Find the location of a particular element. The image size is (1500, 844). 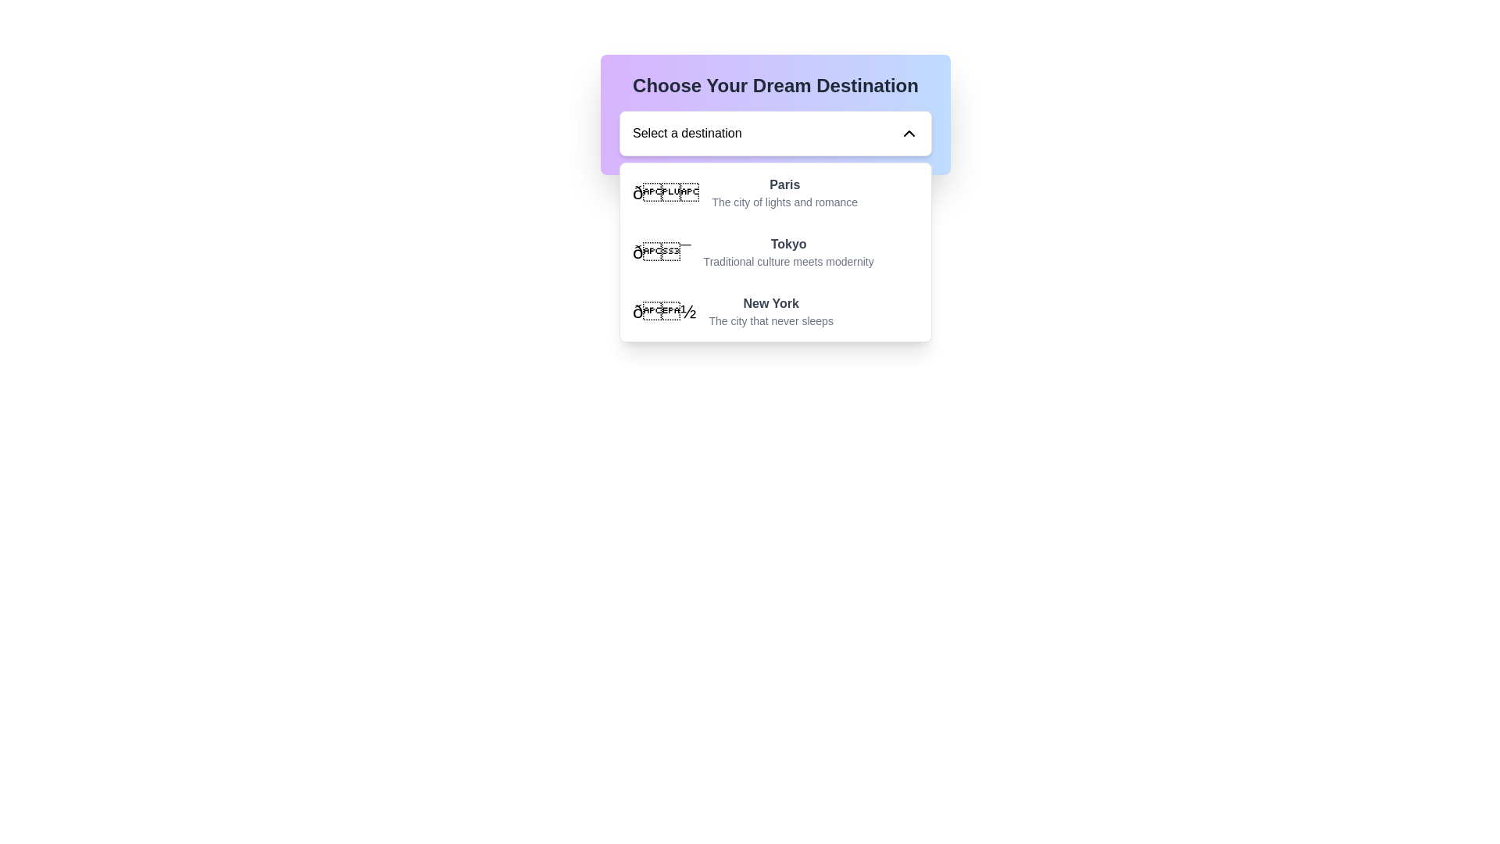

the icon representing the 'Tokyo' list item is located at coordinates (661, 252).